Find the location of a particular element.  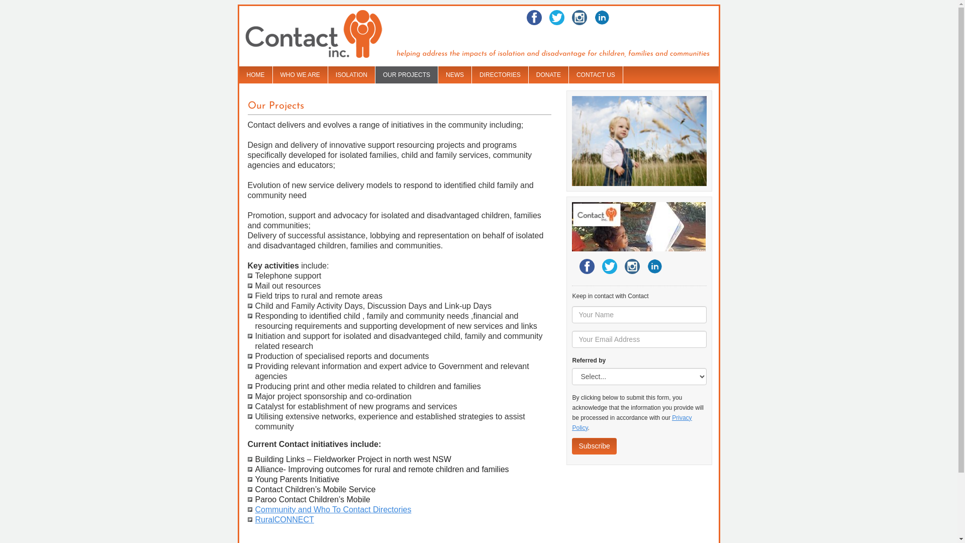

'DIRECTORIES' is located at coordinates (500, 74).